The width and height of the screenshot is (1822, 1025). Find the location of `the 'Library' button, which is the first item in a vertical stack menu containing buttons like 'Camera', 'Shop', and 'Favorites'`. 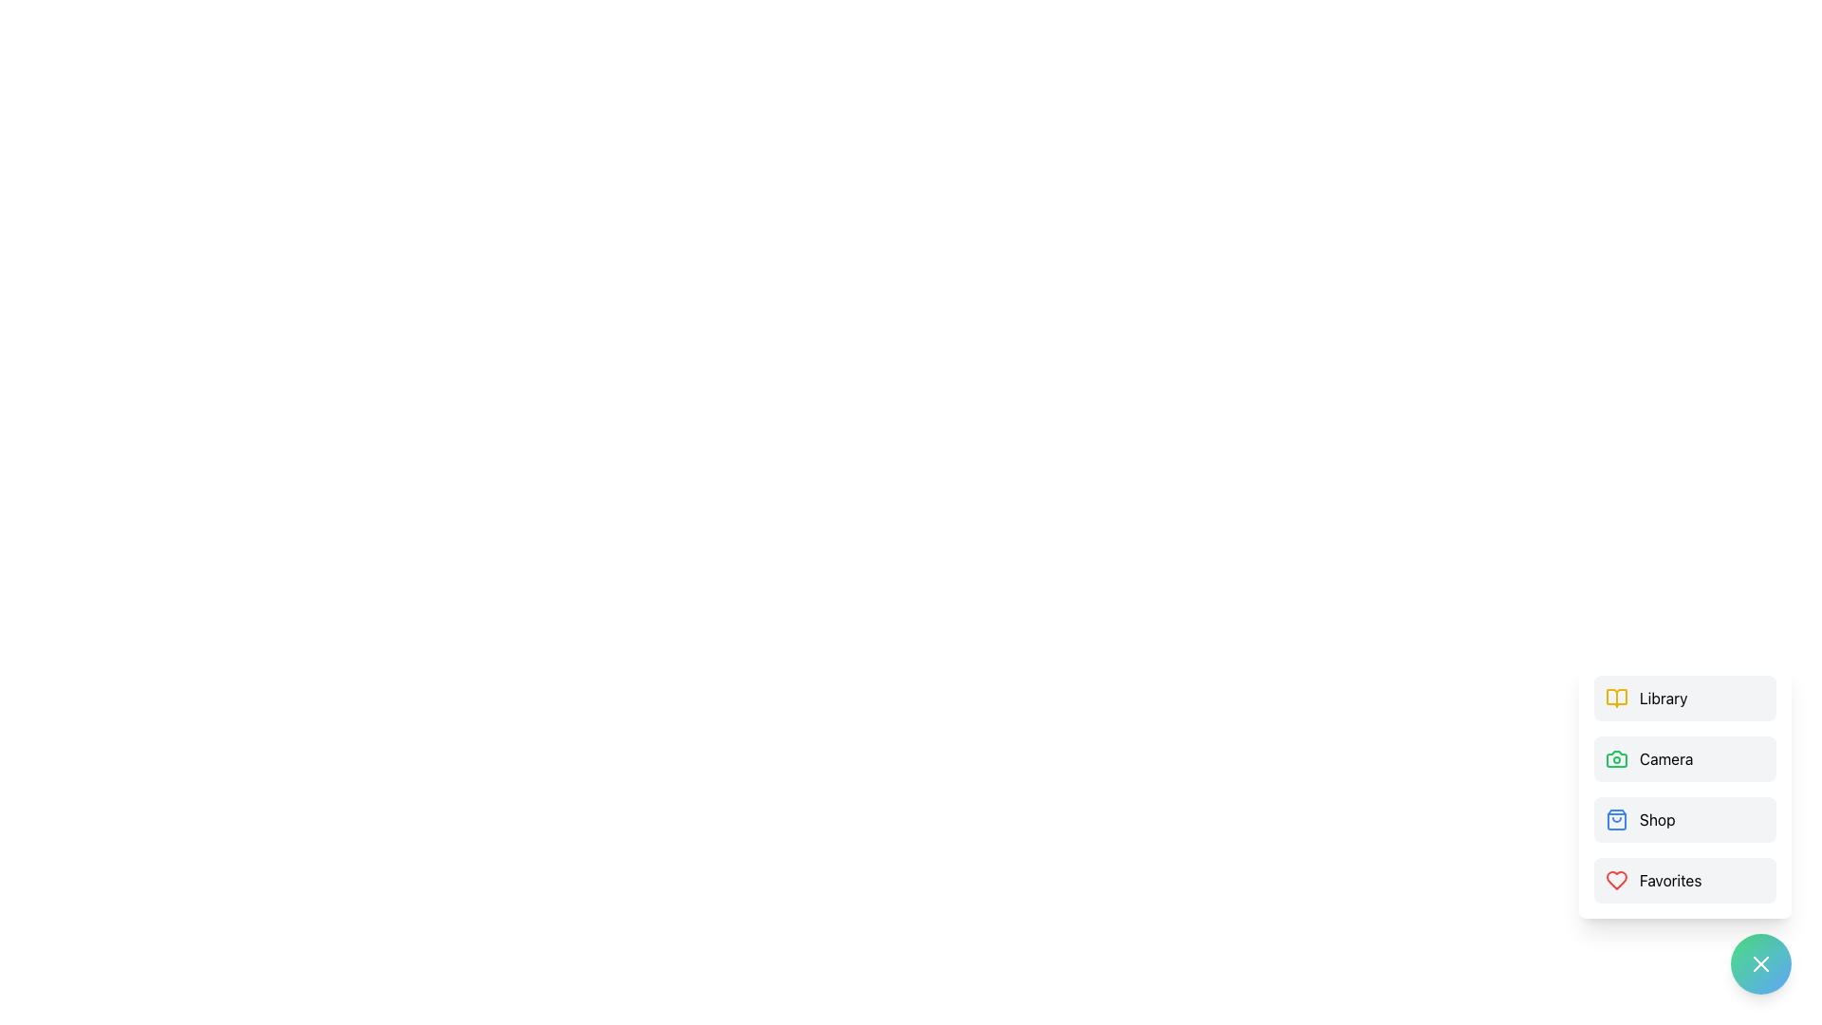

the 'Library' button, which is the first item in a vertical stack menu containing buttons like 'Camera', 'Shop', and 'Favorites' is located at coordinates (1685, 699).